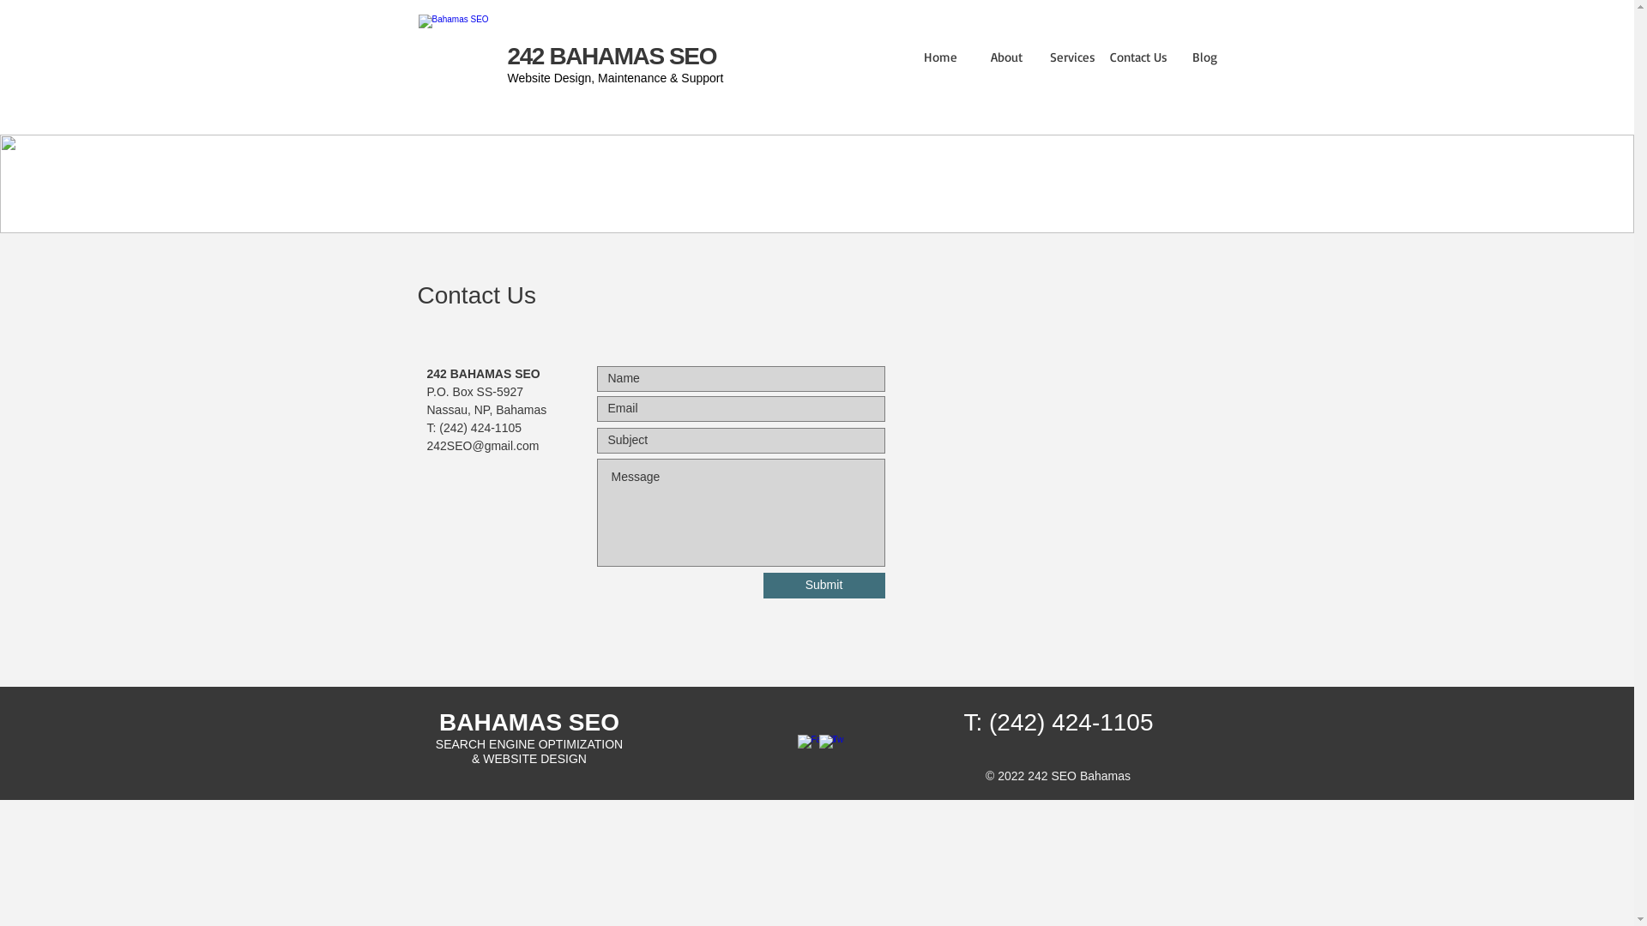 The image size is (1647, 926). What do you see at coordinates (938, 56) in the screenshot?
I see `'Home'` at bounding box center [938, 56].